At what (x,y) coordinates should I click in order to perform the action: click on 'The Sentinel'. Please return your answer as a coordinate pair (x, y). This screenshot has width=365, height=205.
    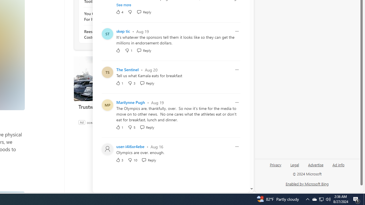
    Looking at the image, I should click on (127, 69).